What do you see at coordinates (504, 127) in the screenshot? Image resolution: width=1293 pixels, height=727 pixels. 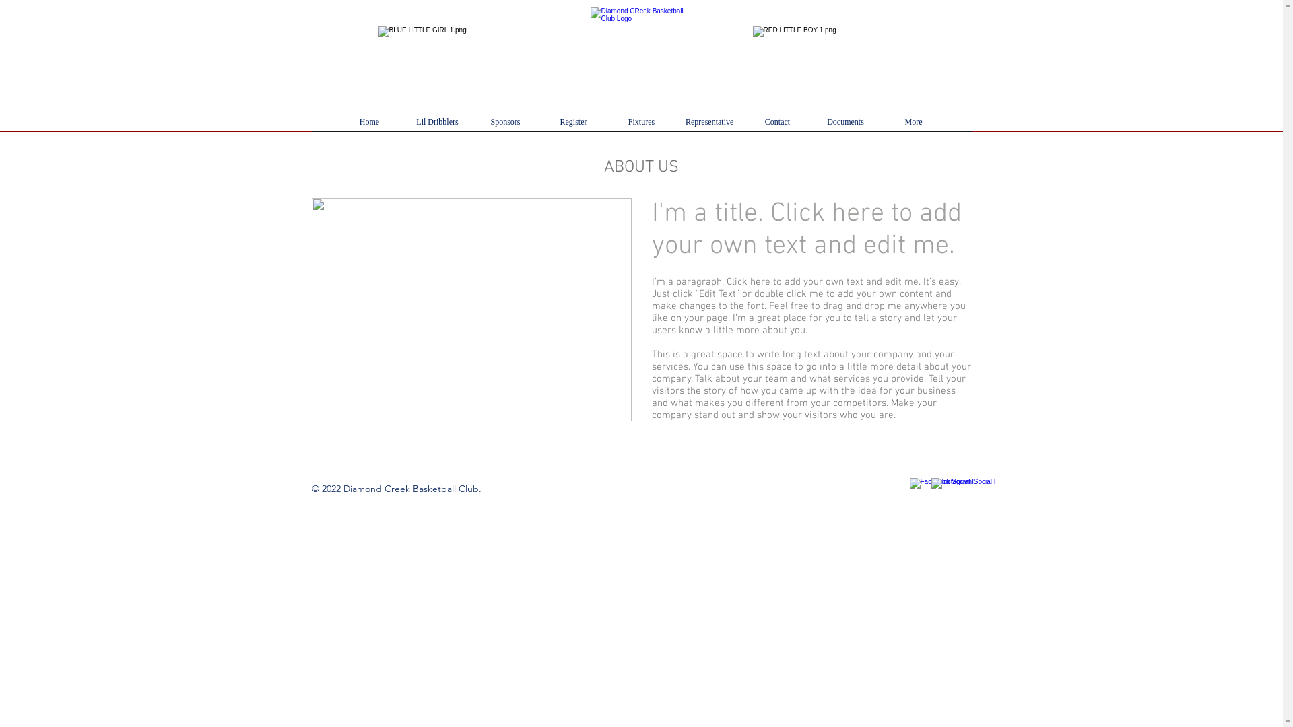 I see `'Sponsors'` at bounding box center [504, 127].